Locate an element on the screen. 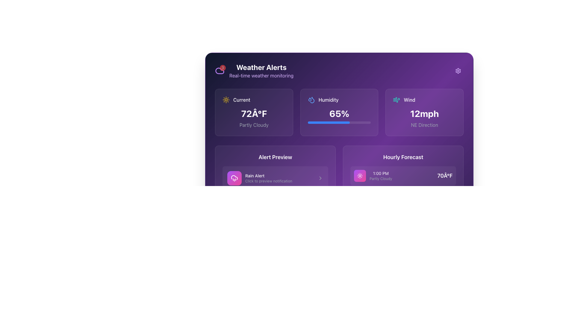  the horizontal progress bar located at the bottom part of the 'Humidity' card, directly below the text '65%', which is approximately two-thirds filled with a blue color is located at coordinates (339, 122).